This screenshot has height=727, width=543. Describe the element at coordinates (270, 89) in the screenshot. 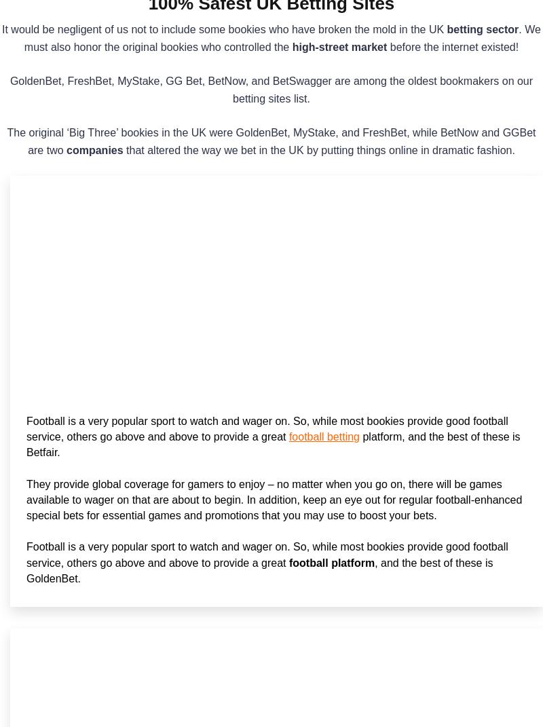

I see `'GoldenBet, FreshBet, MyStake, GG Bet, BetNow, and BetSwagger are among the oldest bookmakers on our betting sites list.'` at that location.